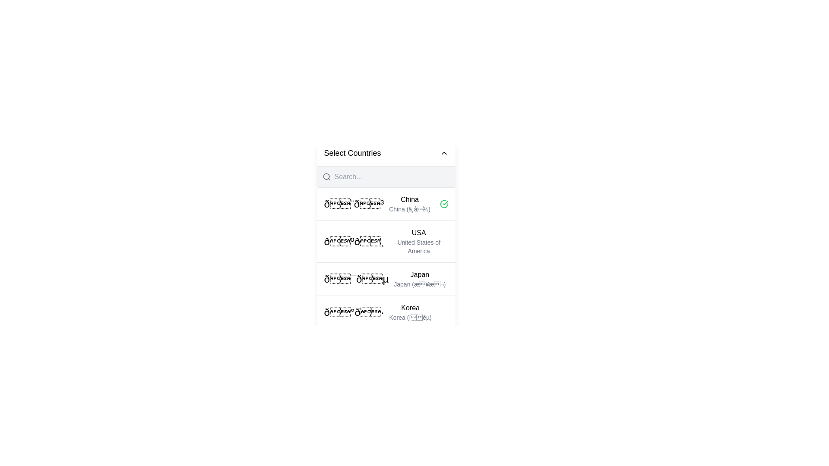 The width and height of the screenshot is (829, 466). Describe the element at coordinates (419, 241) in the screenshot. I see `the list item representing the country 'United States of America'` at that location.